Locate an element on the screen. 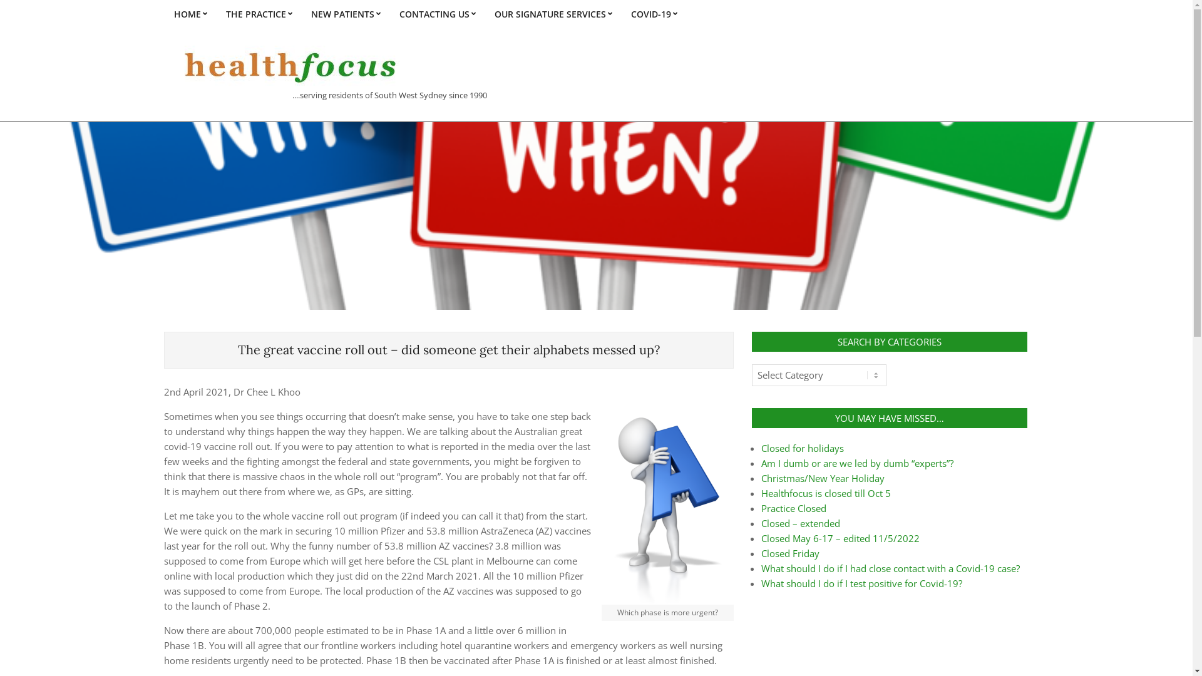 The width and height of the screenshot is (1202, 676). 'What should I do if I test positive for Covid-19?' is located at coordinates (861, 583).